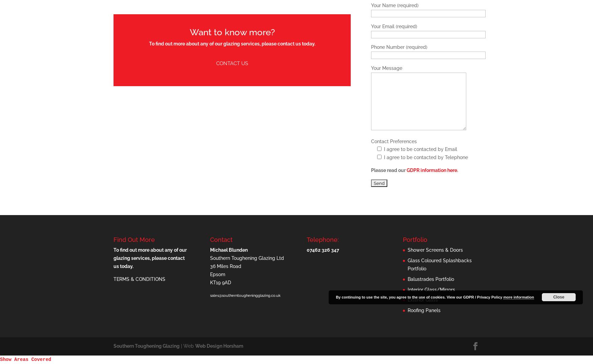  What do you see at coordinates (113, 240) in the screenshot?
I see `'Find Out More'` at bounding box center [113, 240].